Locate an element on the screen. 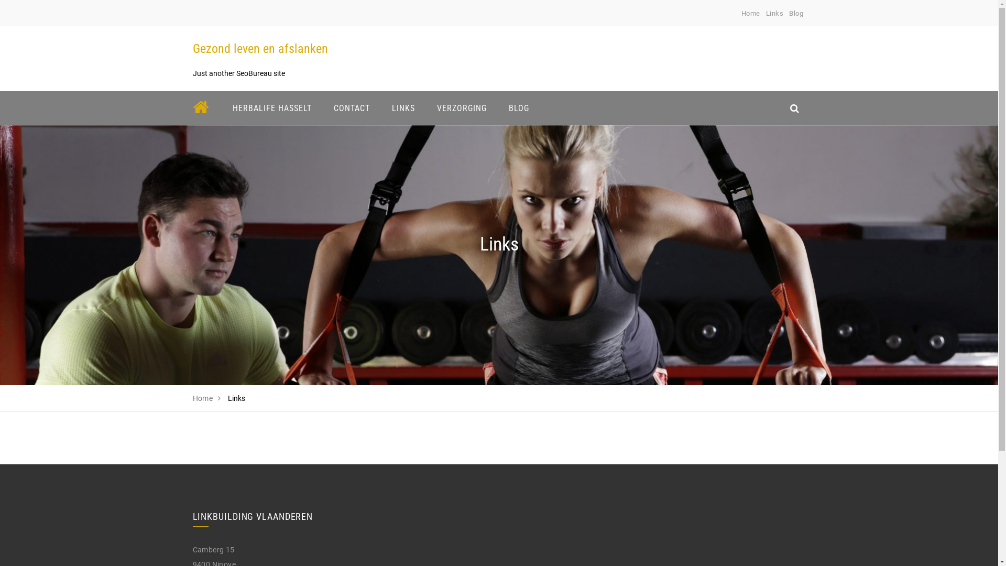 Image resolution: width=1006 pixels, height=566 pixels. 'LINKS' is located at coordinates (402, 108).